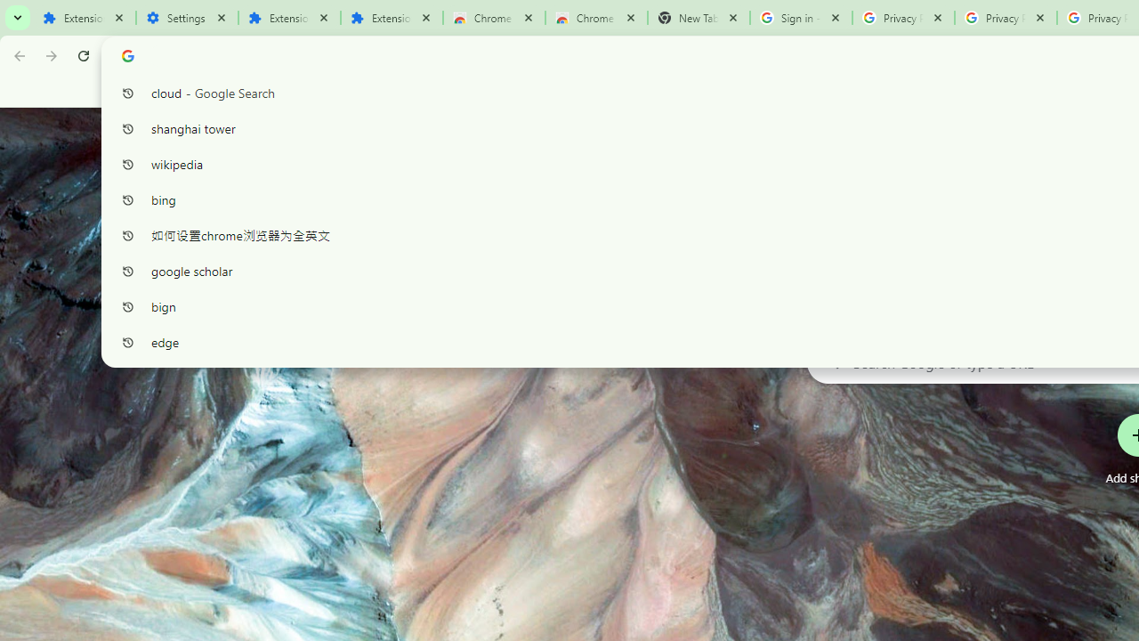 The height and width of the screenshot is (641, 1139). I want to click on 'New Tab', so click(698, 18).